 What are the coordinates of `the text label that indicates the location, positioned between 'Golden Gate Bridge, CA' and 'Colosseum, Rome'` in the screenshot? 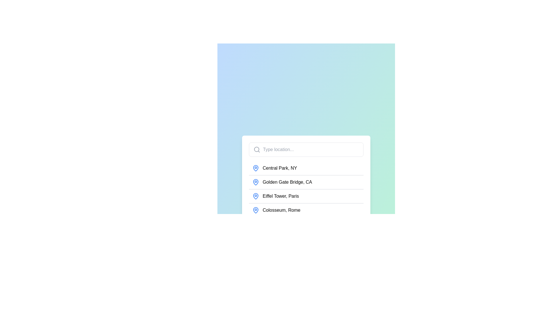 It's located at (281, 196).